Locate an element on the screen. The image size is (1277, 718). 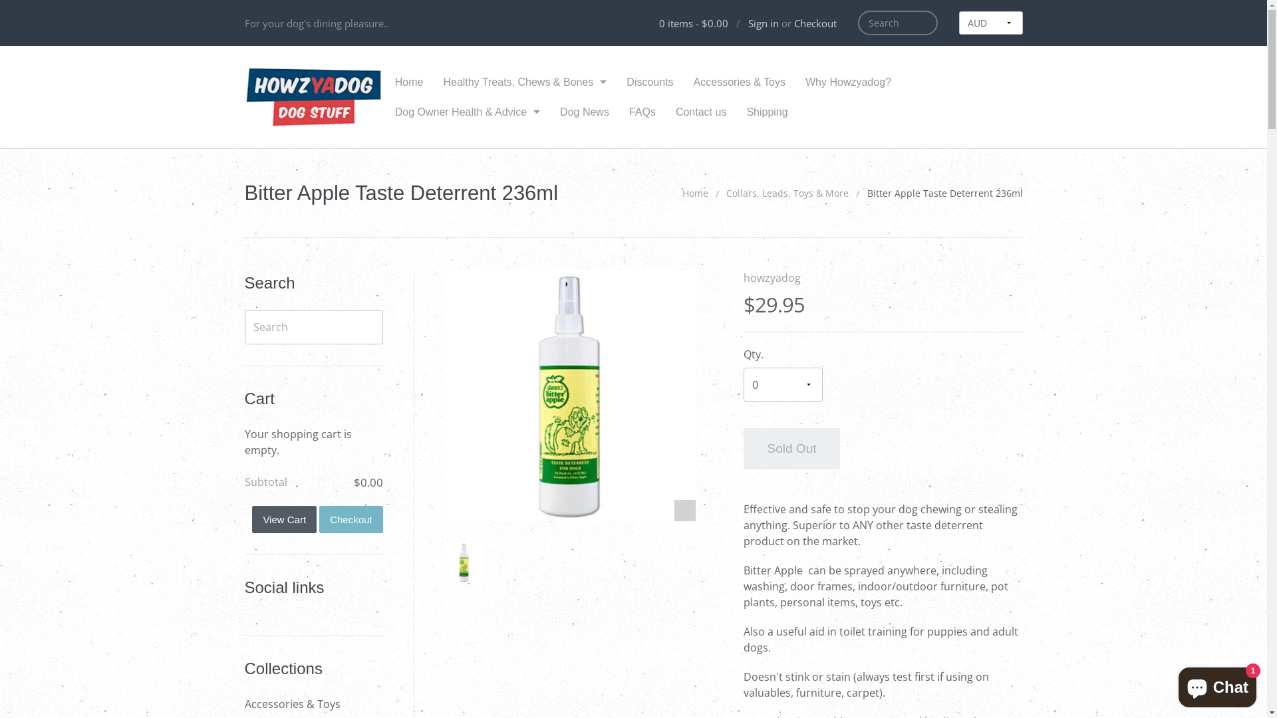
'Checkout' is located at coordinates (794, 23).